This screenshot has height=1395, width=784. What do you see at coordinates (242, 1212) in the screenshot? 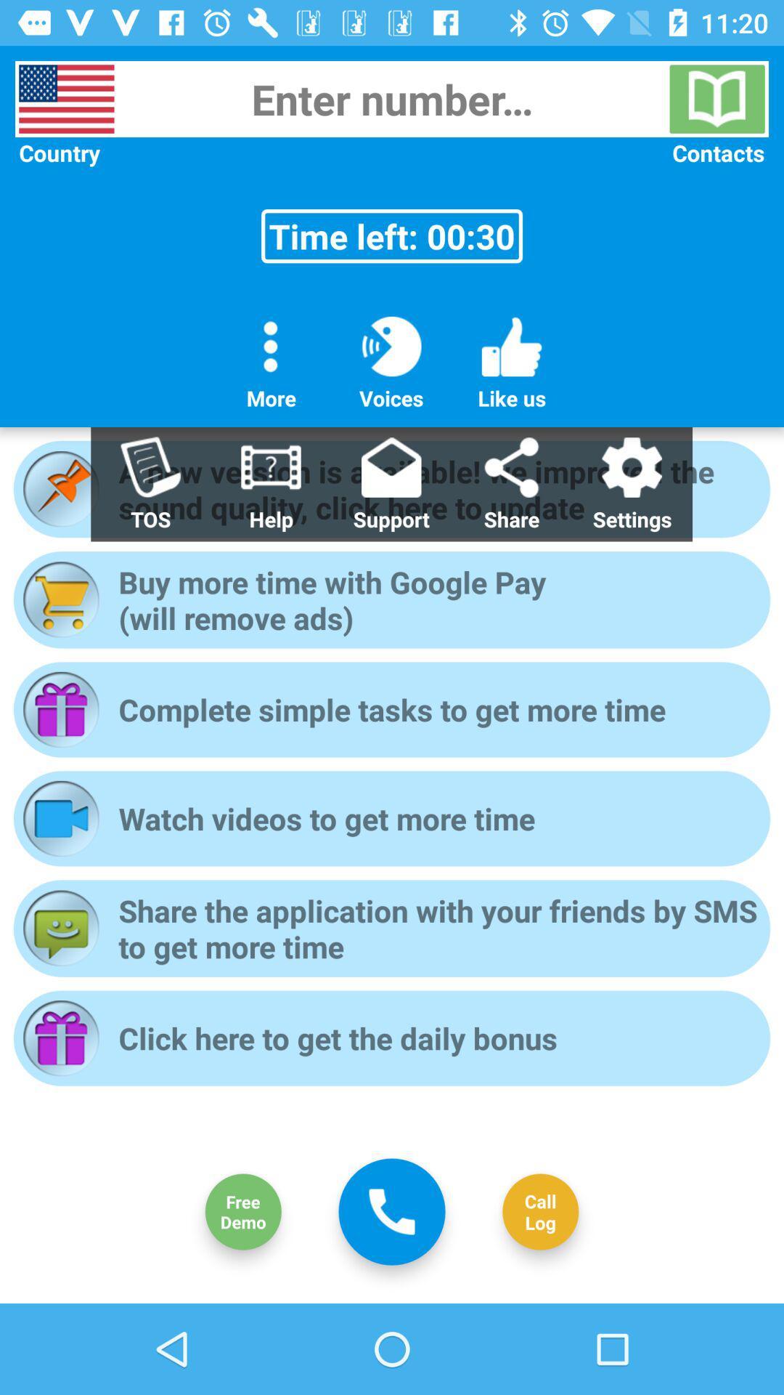
I see `the avatar icon` at bounding box center [242, 1212].